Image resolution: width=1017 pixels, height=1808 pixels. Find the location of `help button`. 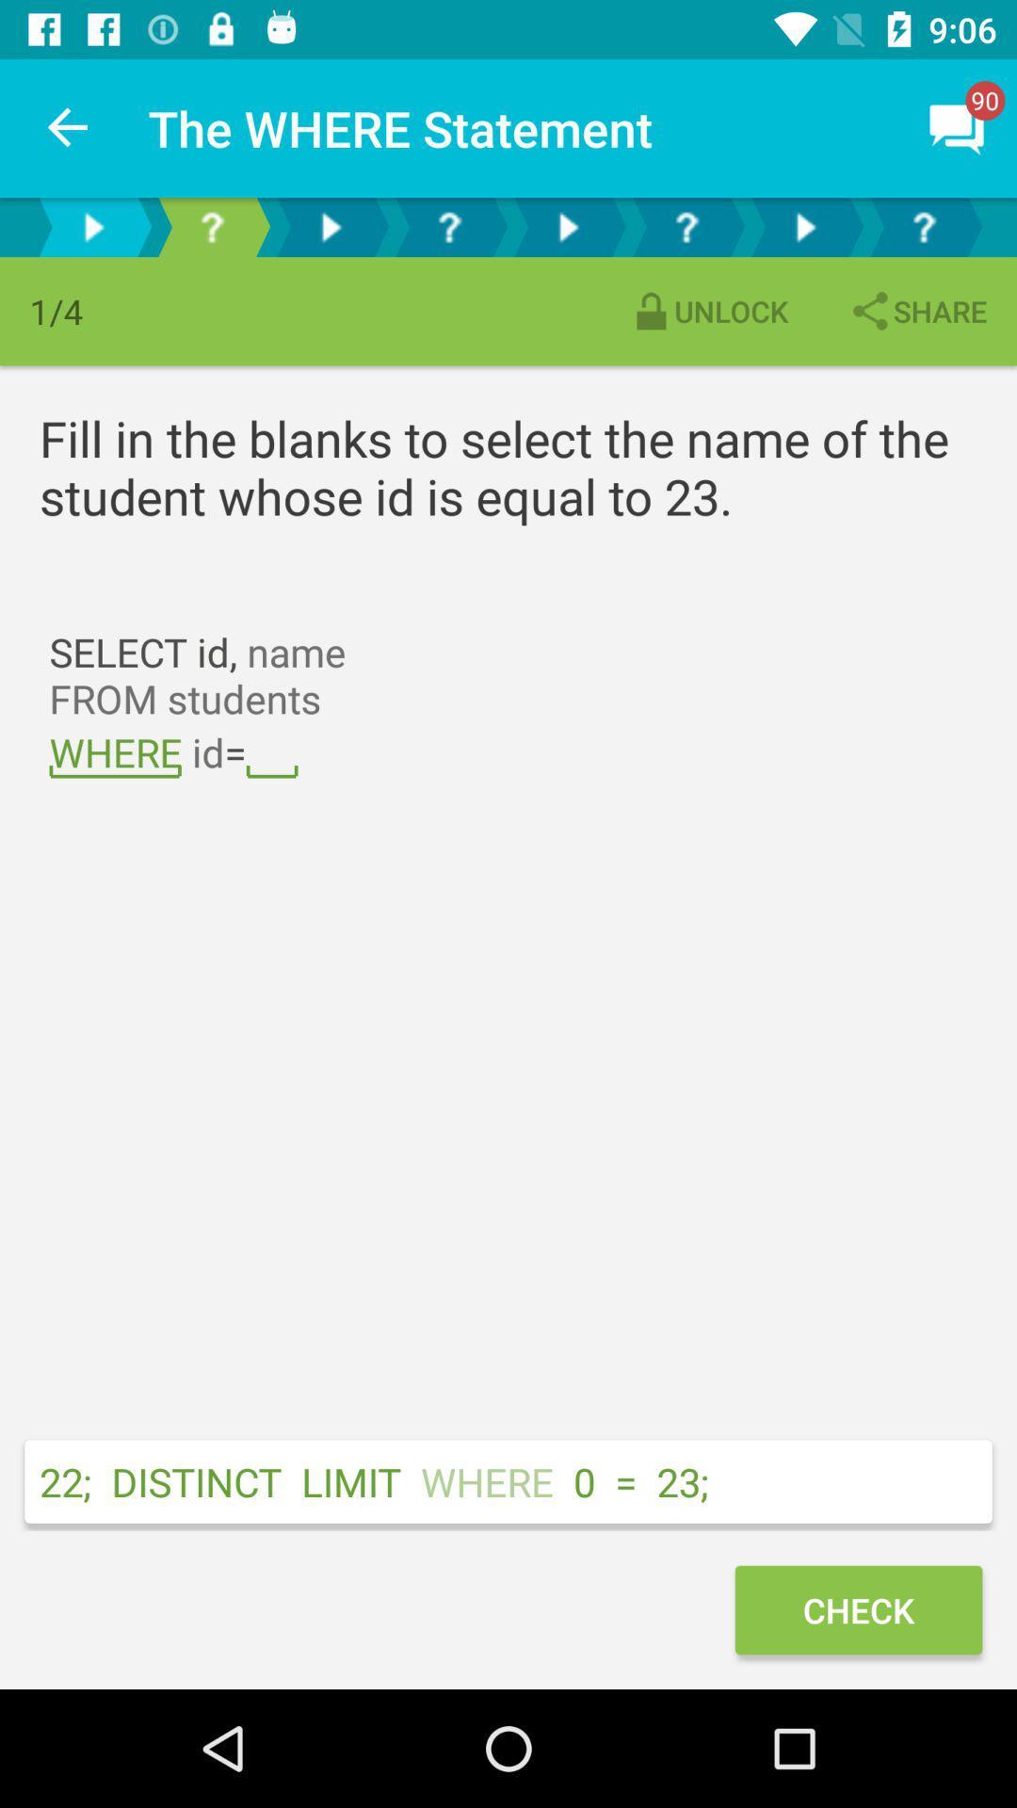

help button is located at coordinates (922, 226).